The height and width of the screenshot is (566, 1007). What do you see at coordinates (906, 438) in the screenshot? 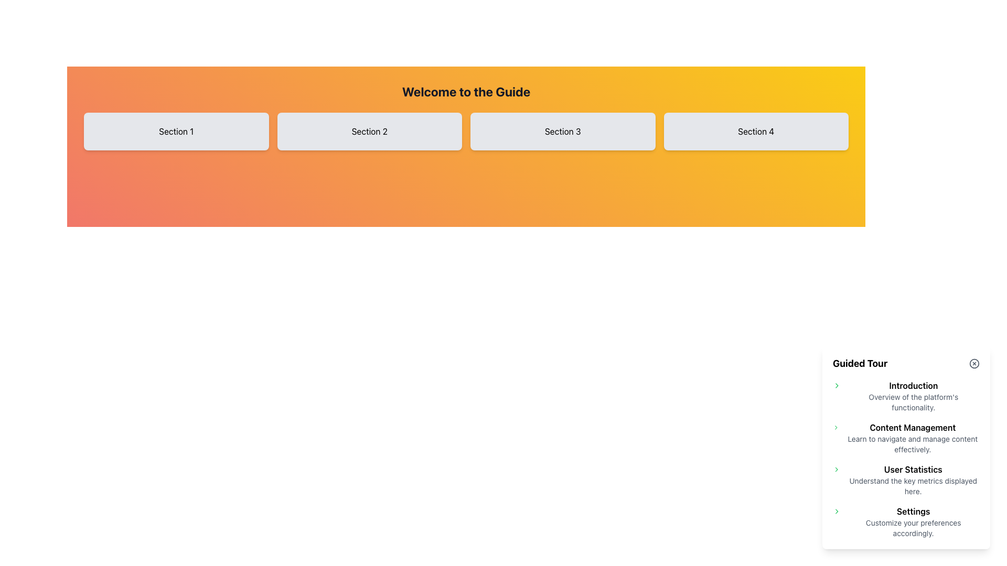
I see `the second list item titled 'Content Management' with a description about navigating and managing content, which is part of the 'Guided Tour' panel` at bounding box center [906, 438].